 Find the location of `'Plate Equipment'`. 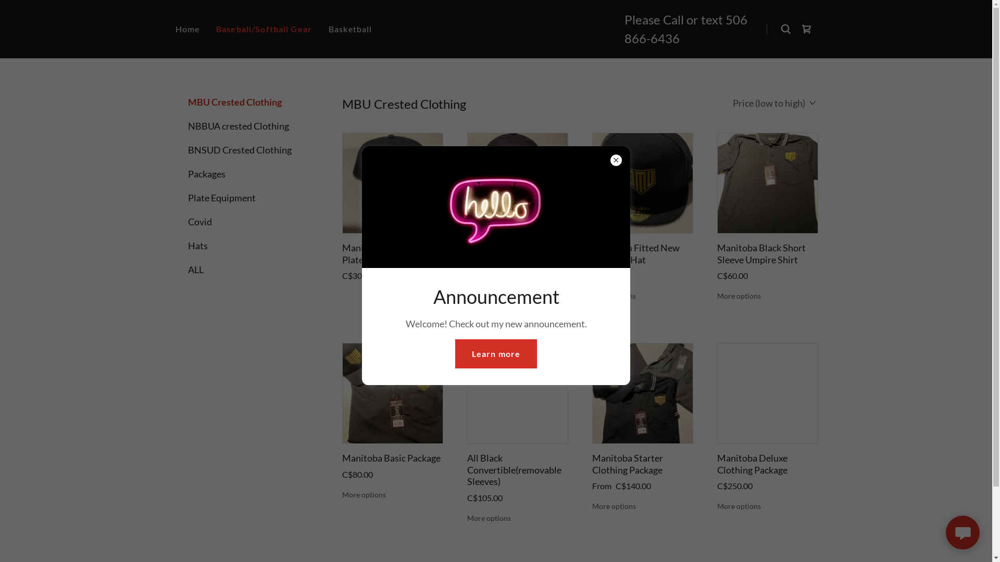

'Plate Equipment' is located at coordinates (187, 198).